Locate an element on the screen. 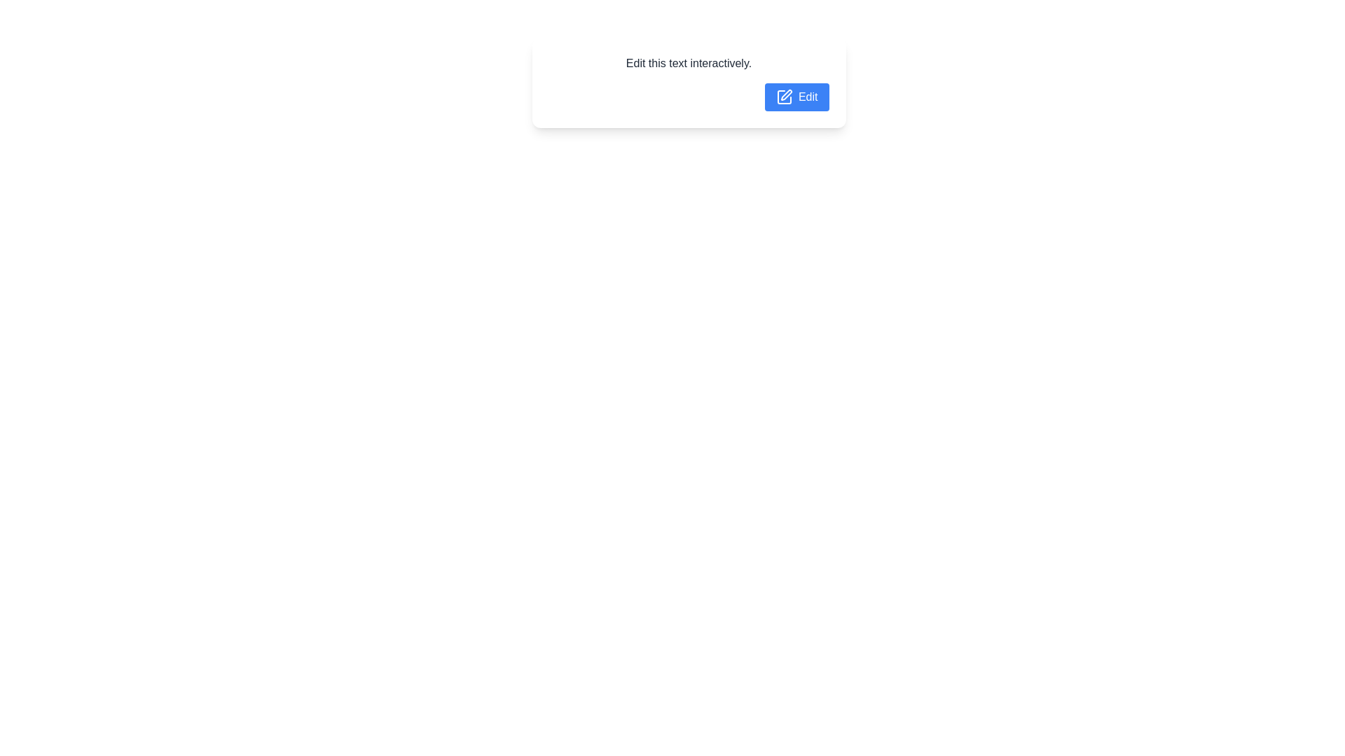 Image resolution: width=1345 pixels, height=756 pixels. the 'Edit' button with a blue background, displaying a white pen icon is located at coordinates (796, 96).